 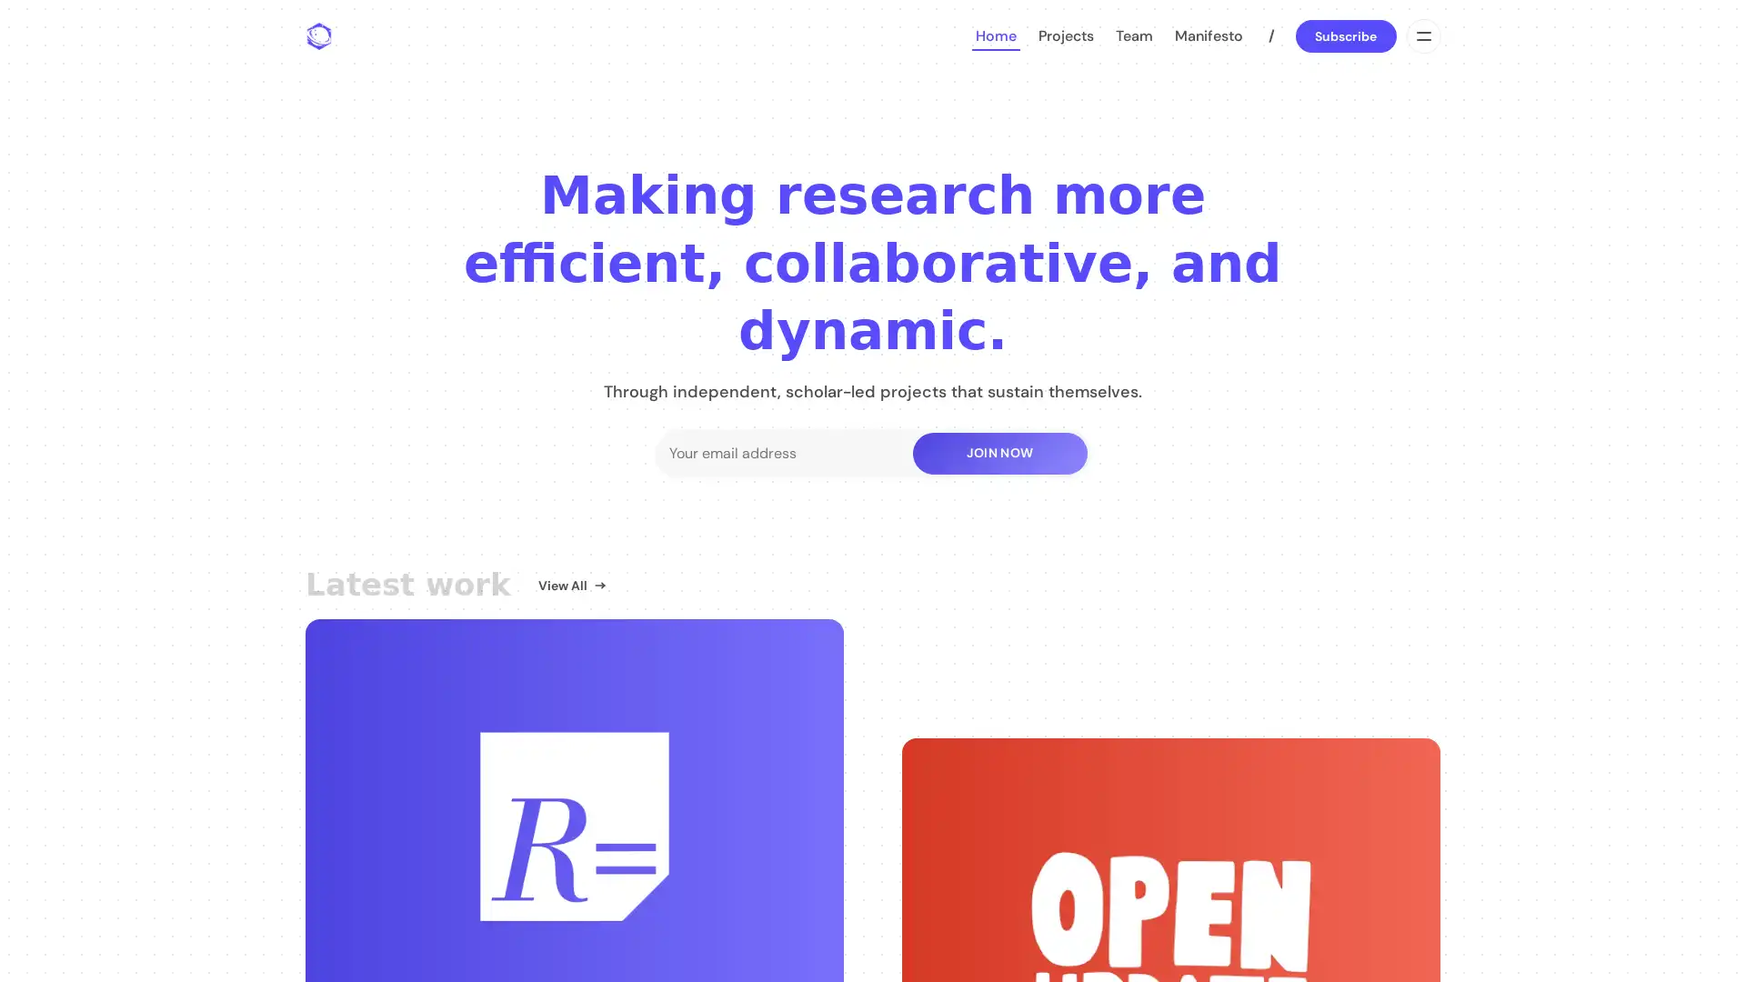 What do you see at coordinates (1421, 35) in the screenshot?
I see `Menu` at bounding box center [1421, 35].